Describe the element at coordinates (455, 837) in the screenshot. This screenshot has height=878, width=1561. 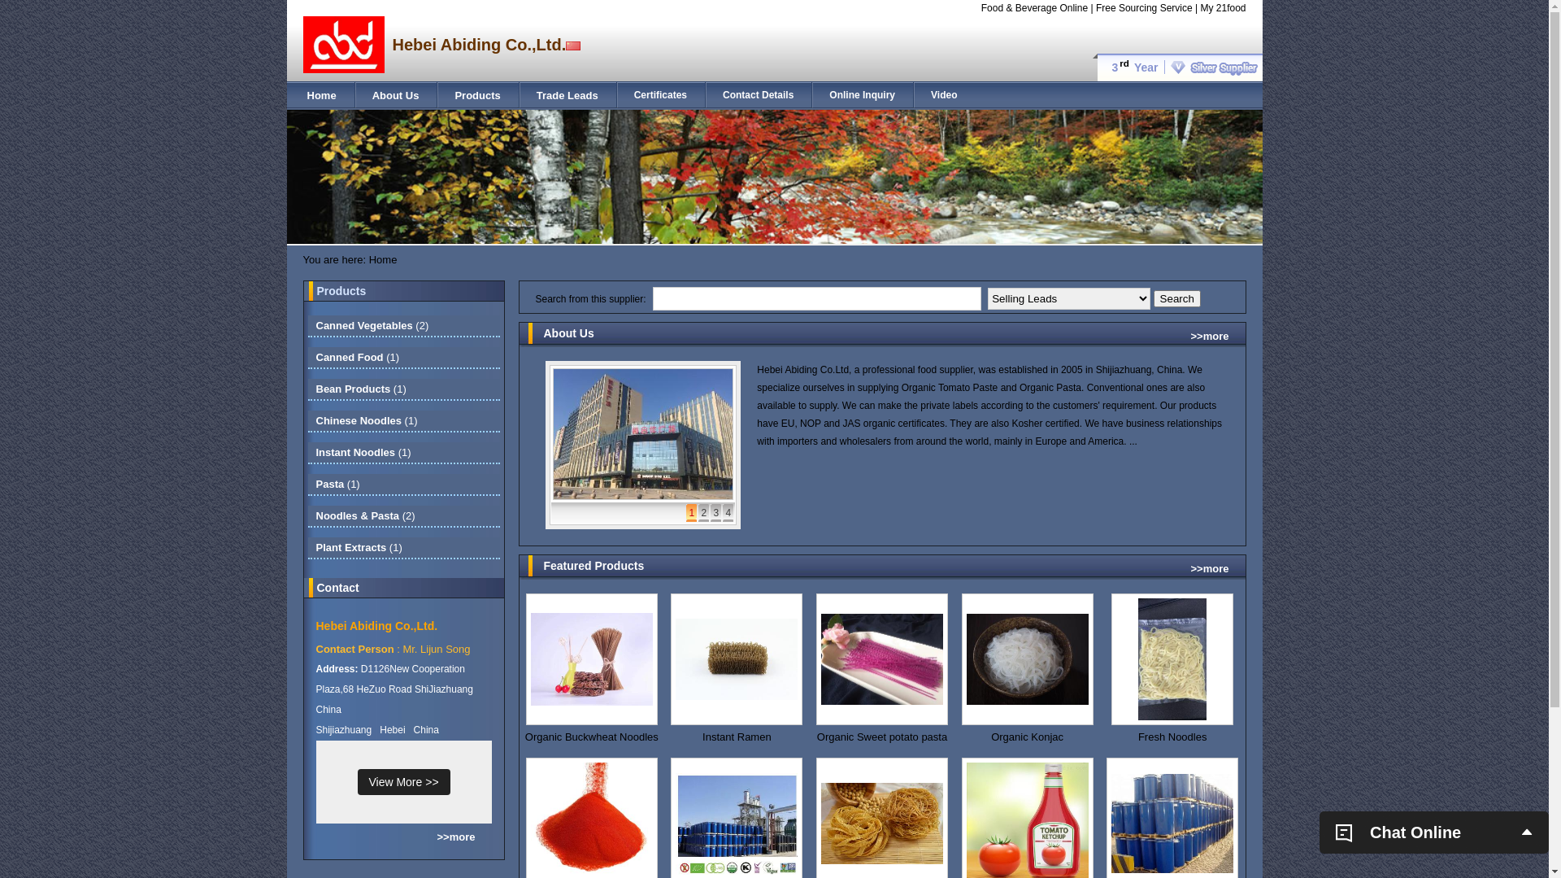
I see `'>>more'` at that location.